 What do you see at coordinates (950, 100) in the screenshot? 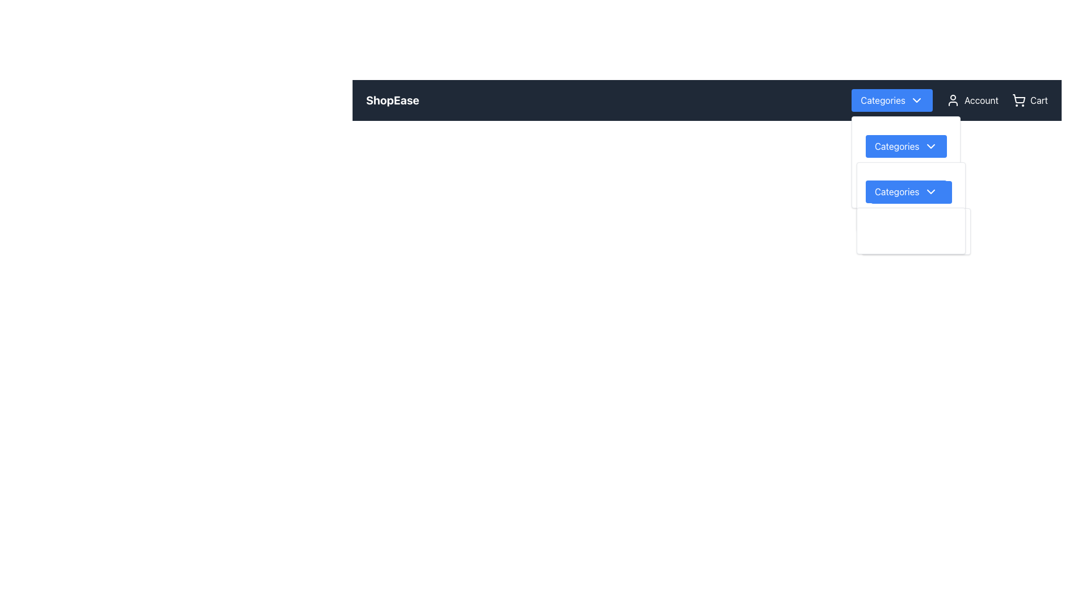
I see `the Interactive Button with Icon located in the navigation bar, positioned to the right of the 'Categories' dropdown and to the left of the 'Cart' element` at bounding box center [950, 100].